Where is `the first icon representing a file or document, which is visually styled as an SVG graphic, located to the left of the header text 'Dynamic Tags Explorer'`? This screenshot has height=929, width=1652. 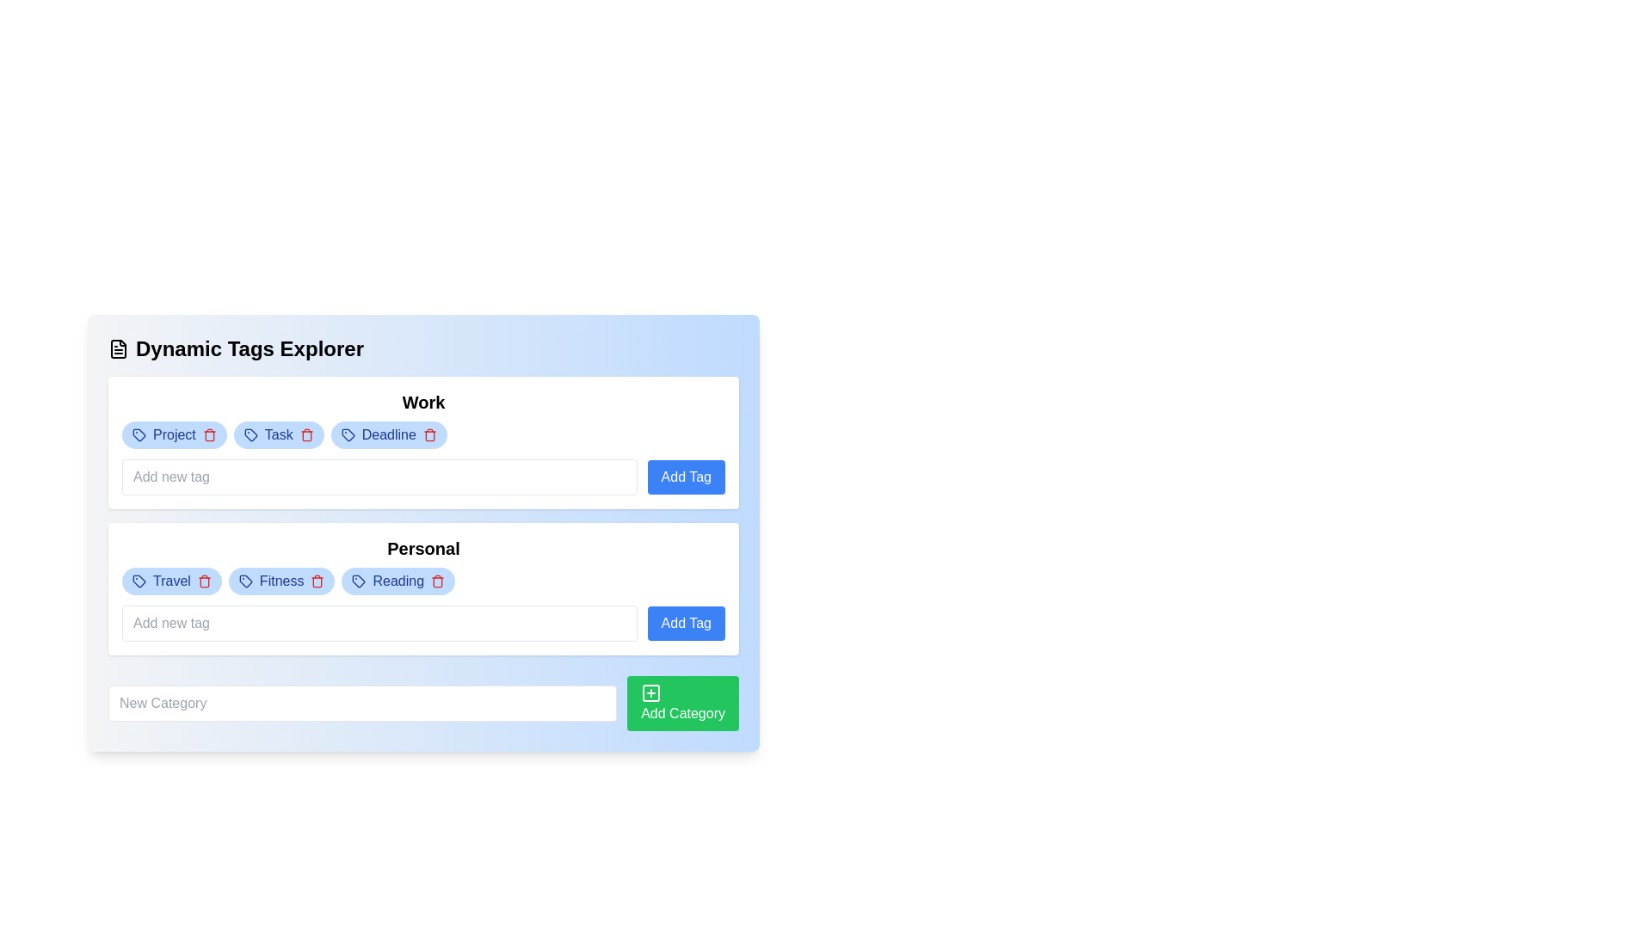
the first icon representing a file or document, which is visually styled as an SVG graphic, located to the left of the header text 'Dynamic Tags Explorer' is located at coordinates (118, 348).